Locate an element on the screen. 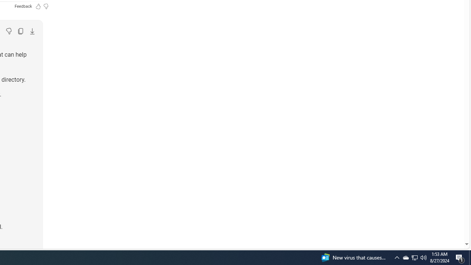 The height and width of the screenshot is (265, 471). 'Copy' is located at coordinates (20, 31).